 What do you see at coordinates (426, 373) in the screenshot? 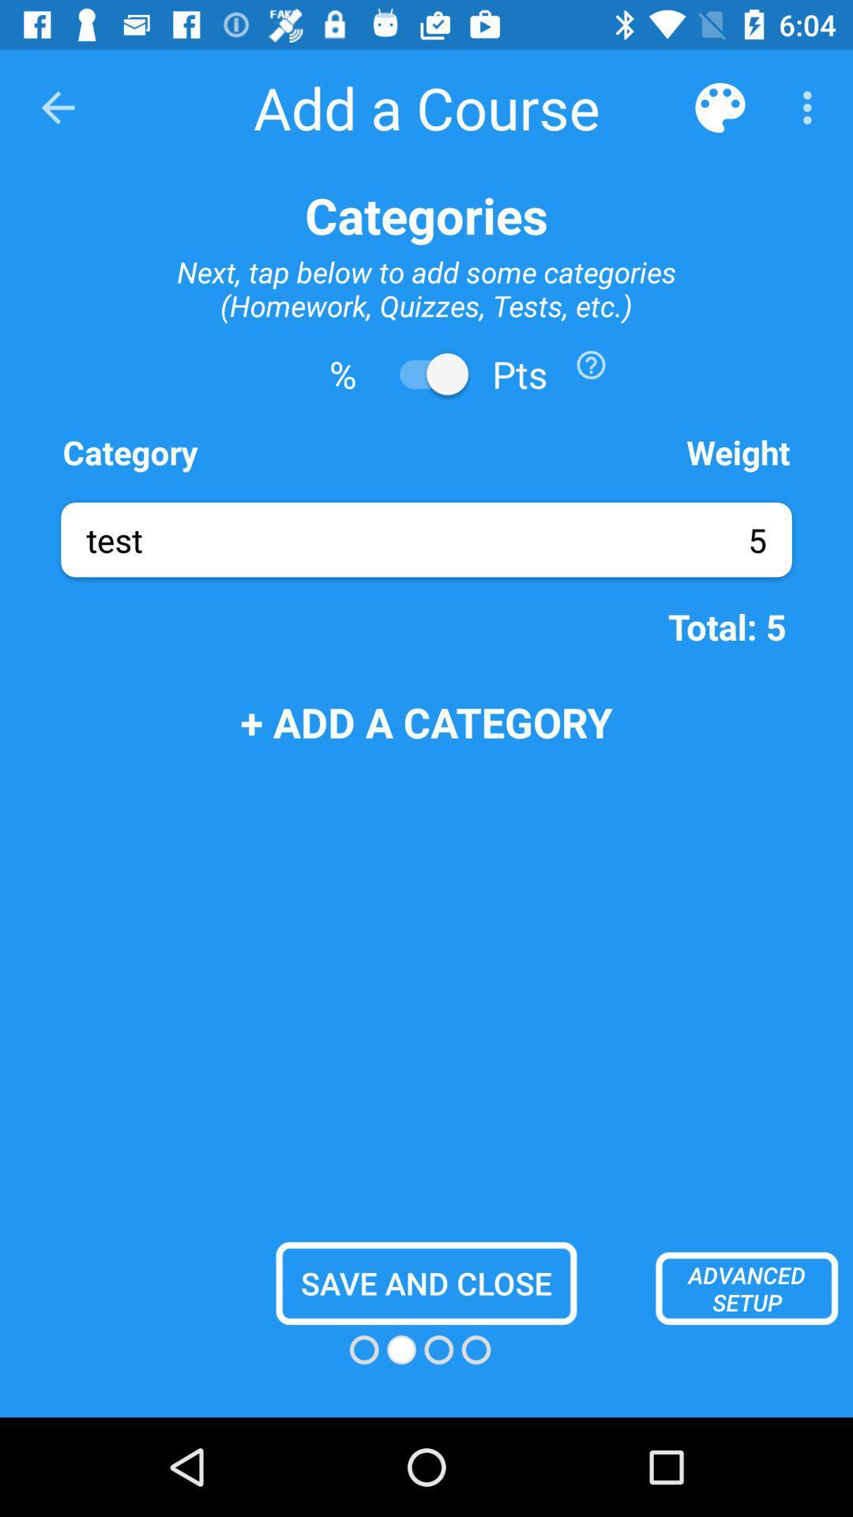
I see `to pts option` at bounding box center [426, 373].